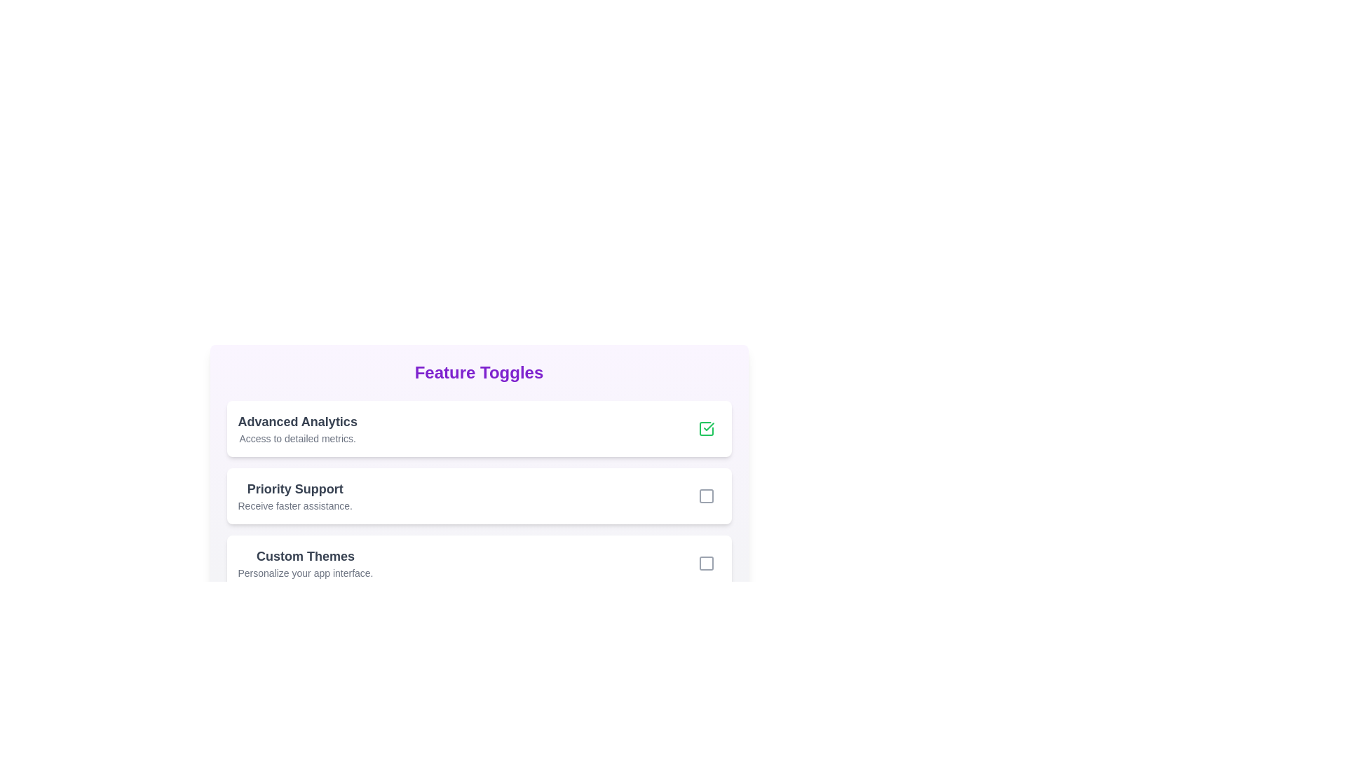 The width and height of the screenshot is (1346, 757). I want to click on the green checkmark icon that is positioned next to the 'Advanced Analytics' toggle in the feature list, so click(709, 426).